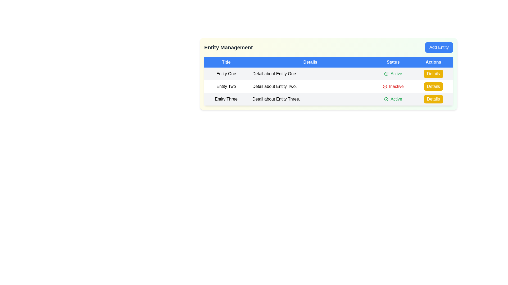 The width and height of the screenshot is (508, 285). I want to click on the rectangular button with a blue background and white text that reads 'Add Entity' to change its shade of blue, so click(439, 47).